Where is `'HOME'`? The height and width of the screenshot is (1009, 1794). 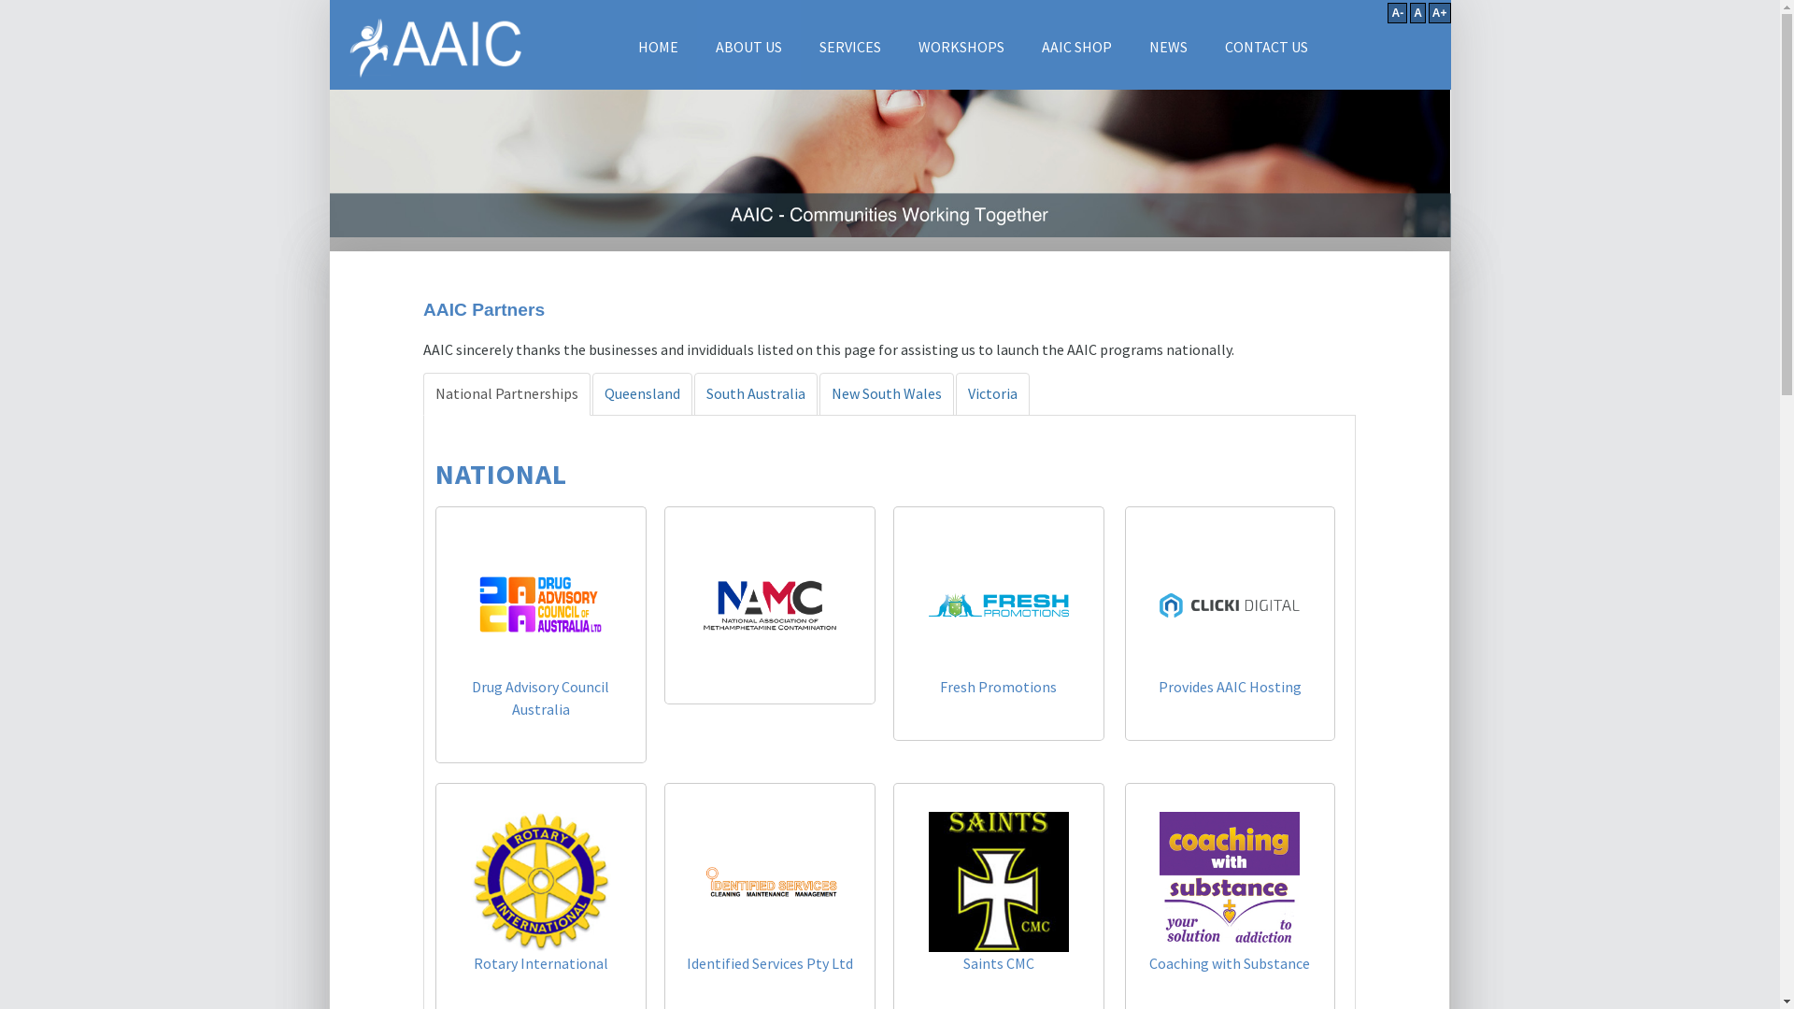
'HOME' is located at coordinates (657, 46).